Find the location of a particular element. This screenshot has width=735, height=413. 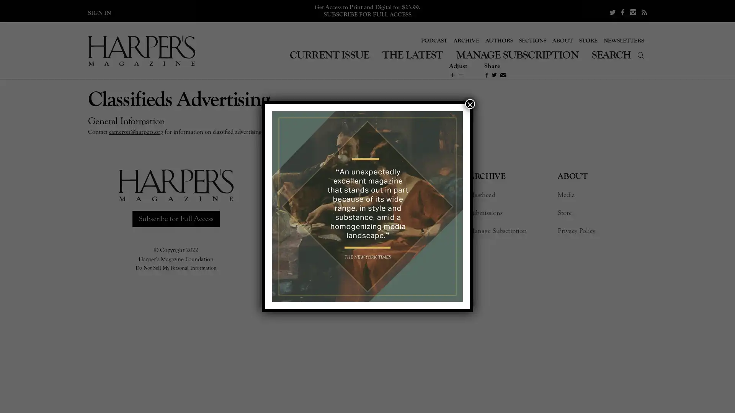

Close is located at coordinates (470, 104).